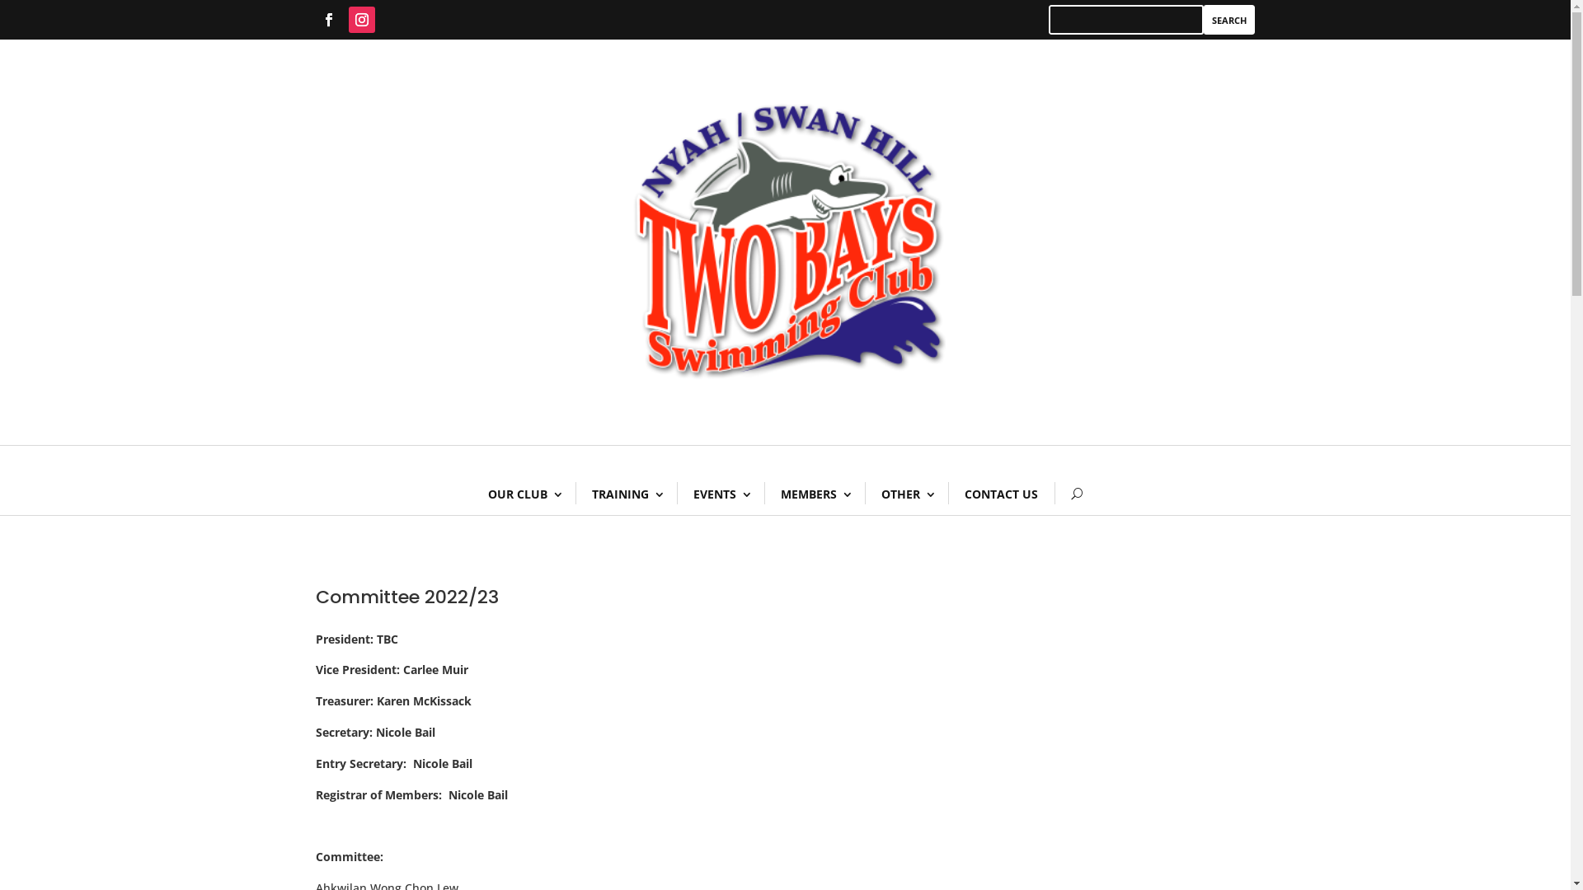 This screenshot has height=890, width=1583. What do you see at coordinates (763, 493) in the screenshot?
I see `'MEMBERS'` at bounding box center [763, 493].